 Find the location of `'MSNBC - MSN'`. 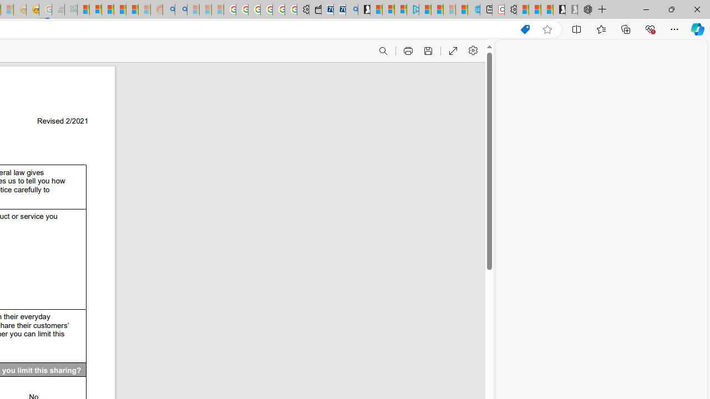

'MSNBC - MSN' is located at coordinates (83, 9).